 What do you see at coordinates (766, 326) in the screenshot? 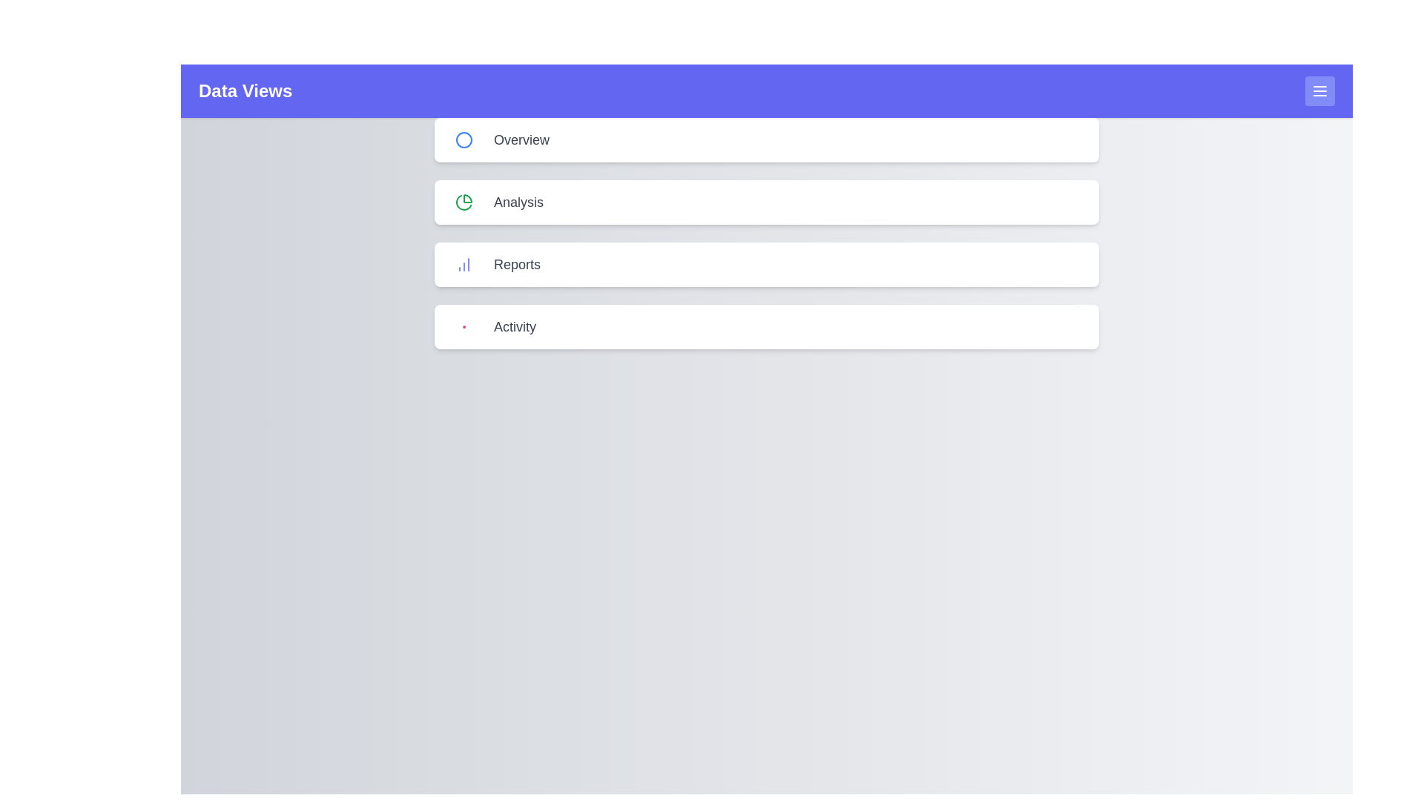
I see `the 'Activity' menu item to select it` at bounding box center [766, 326].